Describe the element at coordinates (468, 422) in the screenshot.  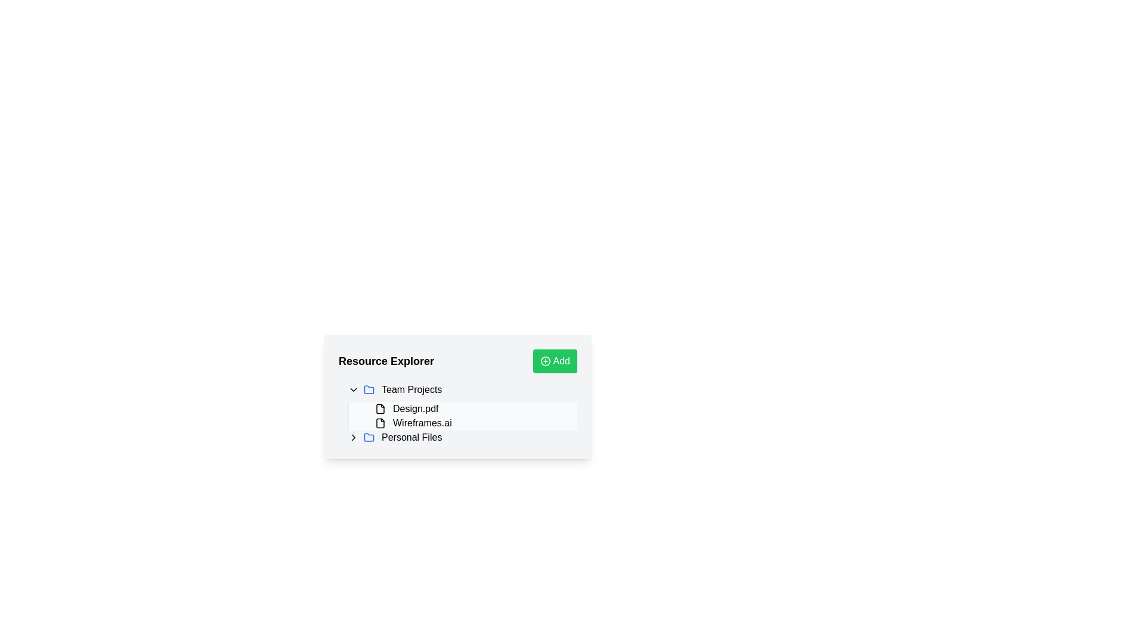
I see `the List item representing 'Wireframes.ai'` at that location.